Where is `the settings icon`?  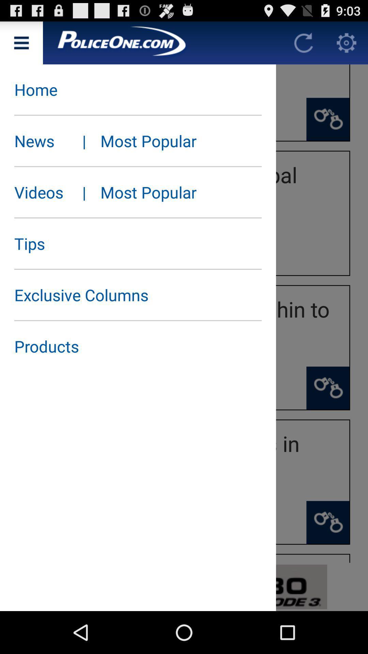
the settings icon is located at coordinates (347, 45).